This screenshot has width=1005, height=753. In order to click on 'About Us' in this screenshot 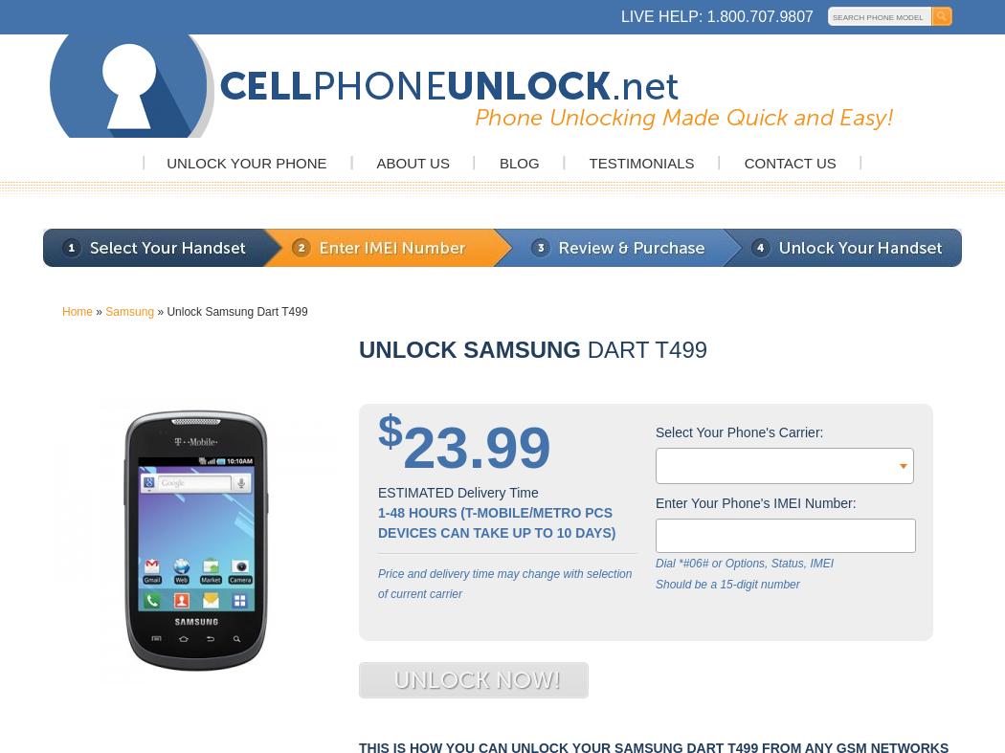, I will do `click(412, 162)`.